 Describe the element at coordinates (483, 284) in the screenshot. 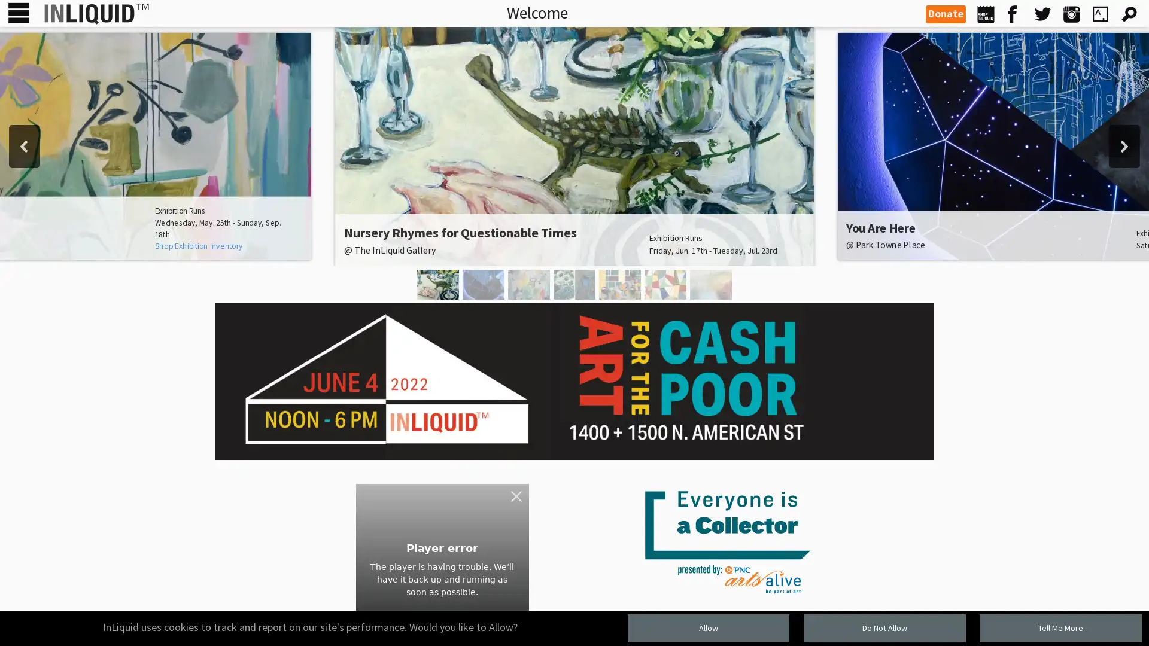

I see `You Are Here` at that location.